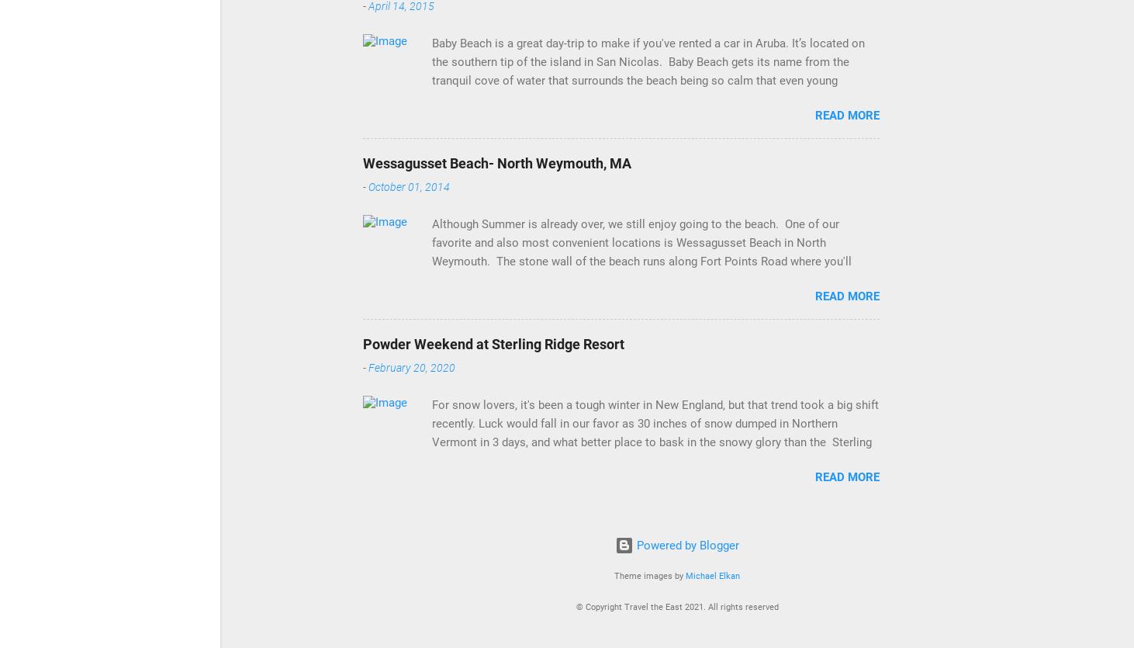 This screenshot has width=1134, height=648. Describe the element at coordinates (410, 367) in the screenshot. I see `'February 20, 2020'` at that location.